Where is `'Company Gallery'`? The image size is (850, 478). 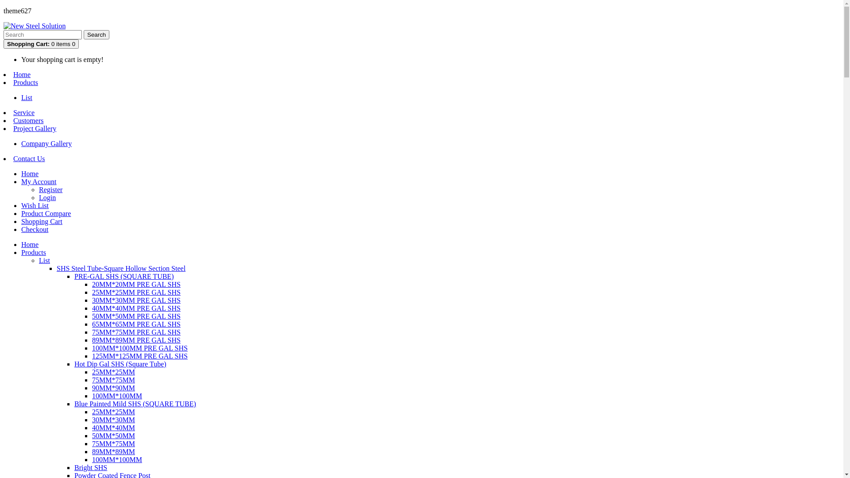
'Company Gallery' is located at coordinates (46, 143).